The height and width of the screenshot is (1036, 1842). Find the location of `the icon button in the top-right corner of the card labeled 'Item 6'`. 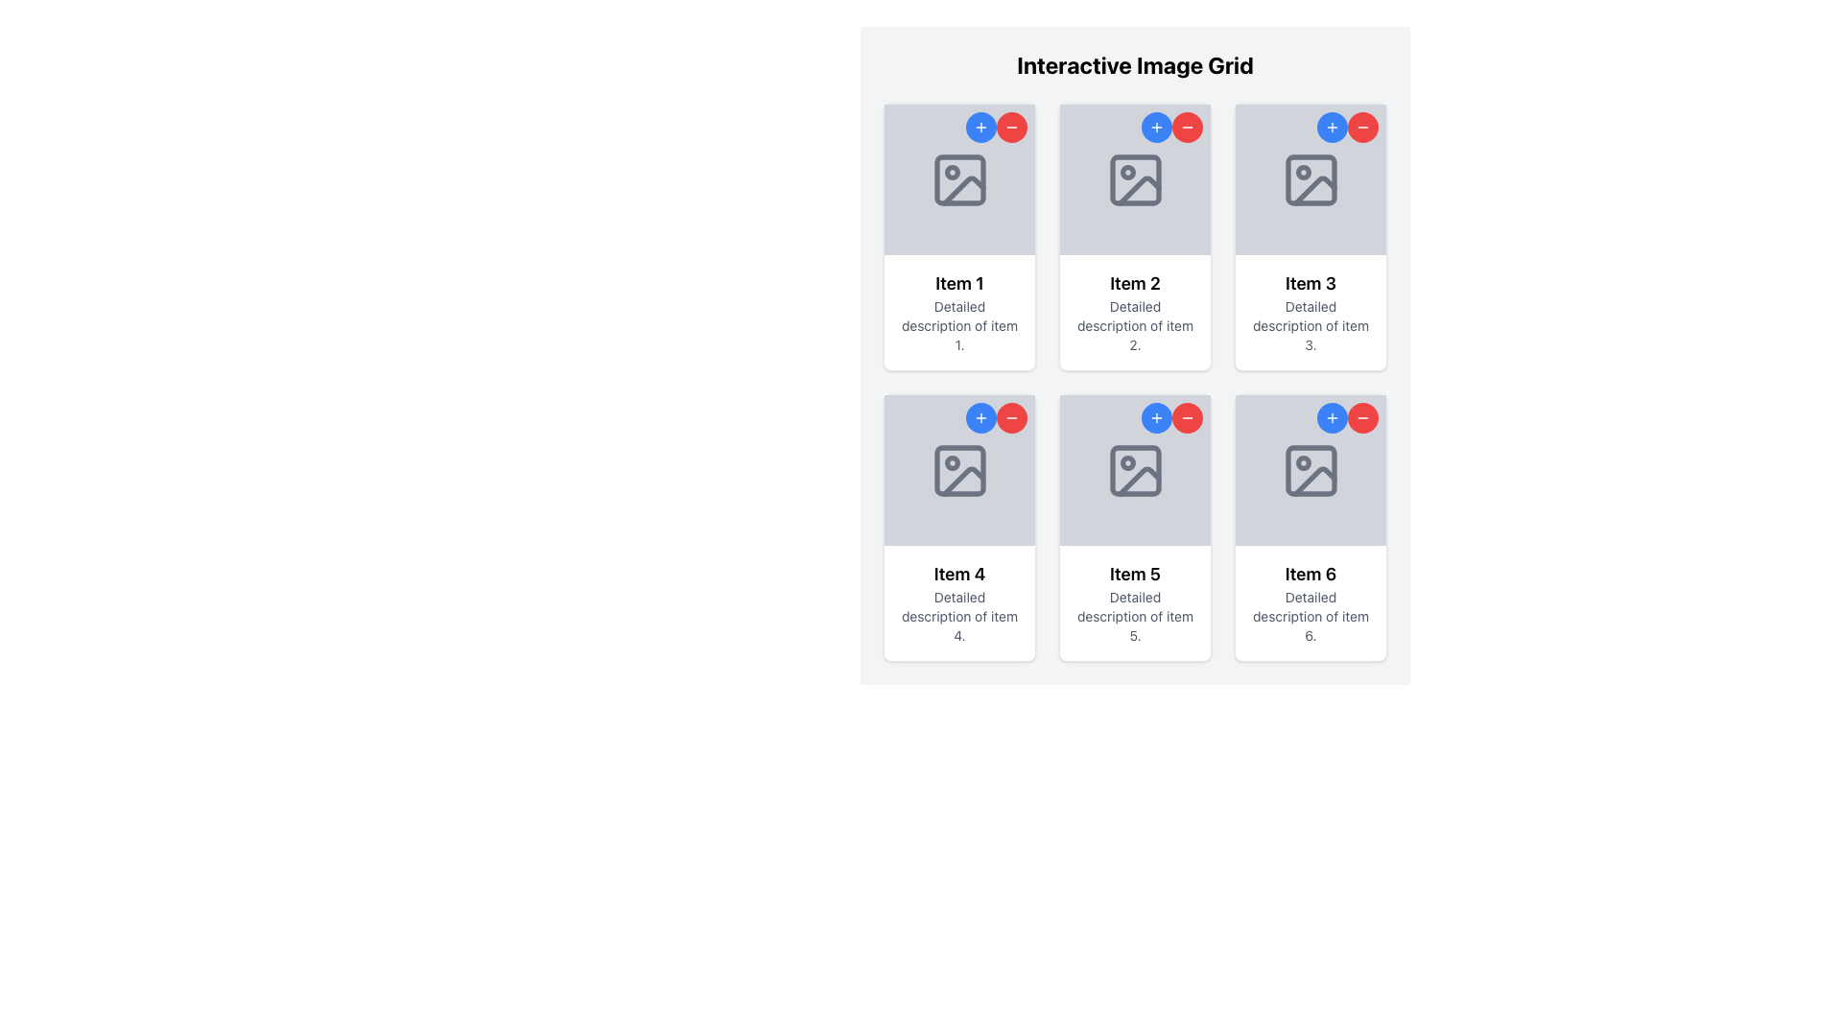

the icon button in the top-right corner of the card labeled 'Item 6' is located at coordinates (1361, 416).